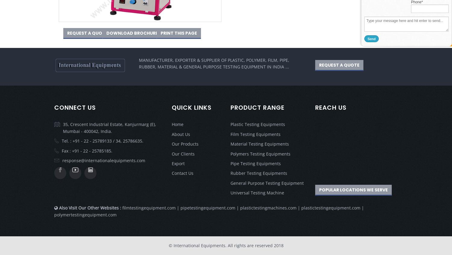 The height and width of the screenshot is (255, 452). Describe the element at coordinates (160, 33) in the screenshot. I see `'PRINT THIS PAGE'` at that location.